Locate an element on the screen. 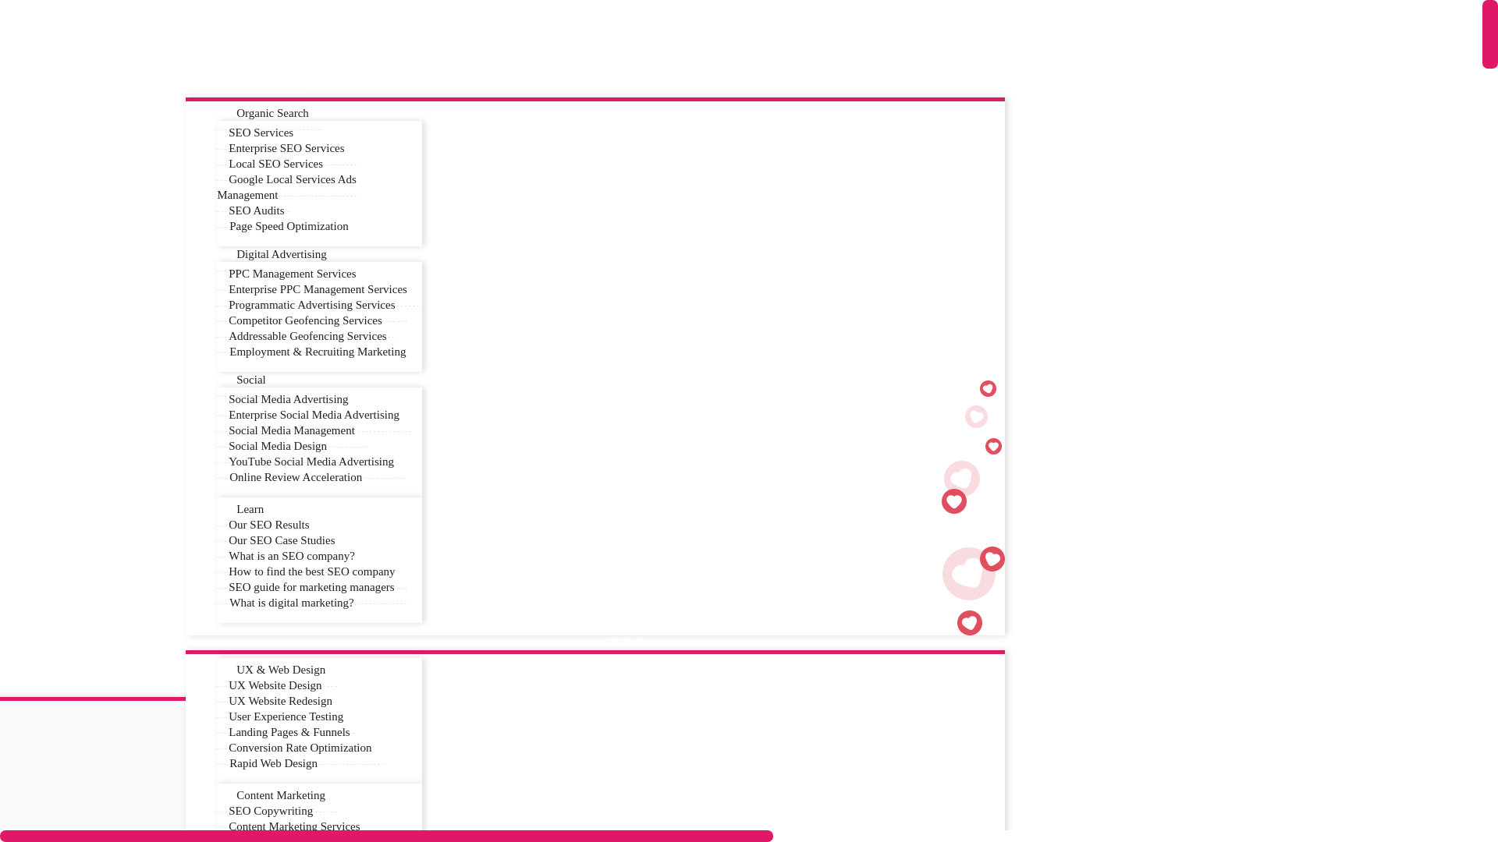 The height and width of the screenshot is (842, 1498). 'What is digital marketing?' is located at coordinates (216, 601).